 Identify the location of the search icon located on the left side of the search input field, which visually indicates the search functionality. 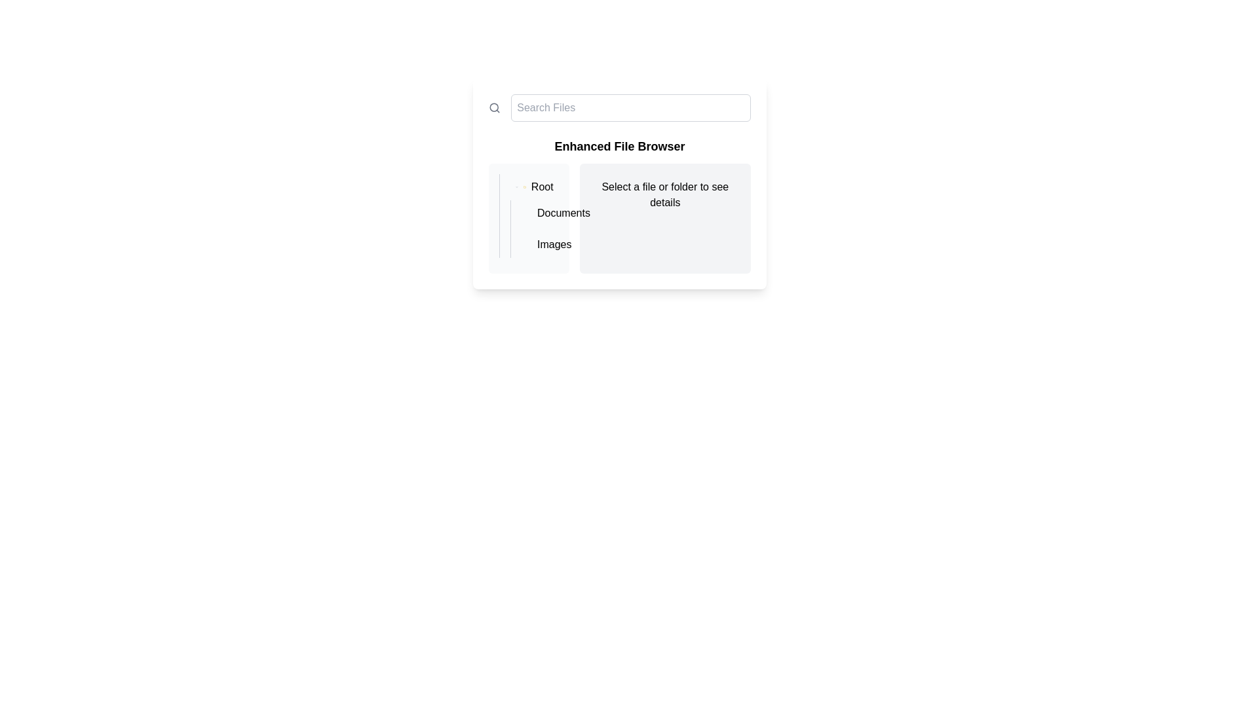
(494, 107).